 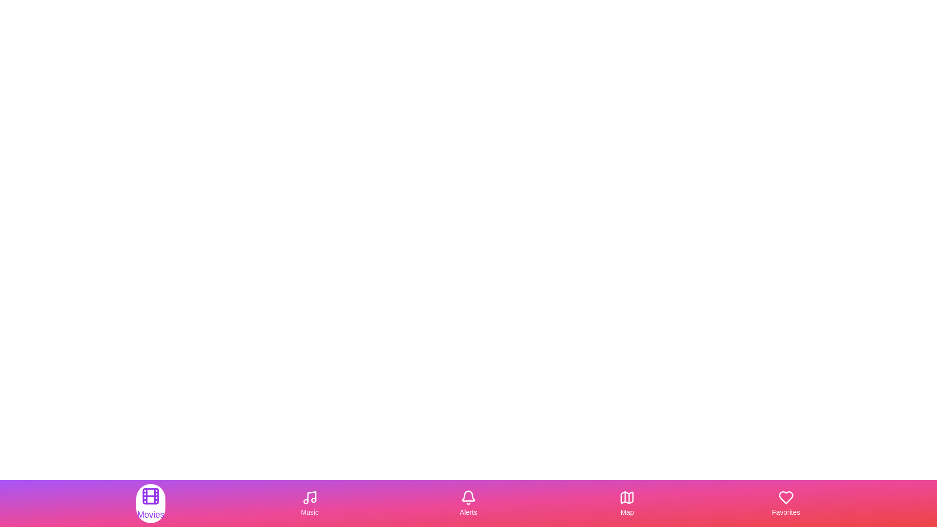 What do you see at coordinates (785, 504) in the screenshot?
I see `the tab labeled Favorites` at bounding box center [785, 504].